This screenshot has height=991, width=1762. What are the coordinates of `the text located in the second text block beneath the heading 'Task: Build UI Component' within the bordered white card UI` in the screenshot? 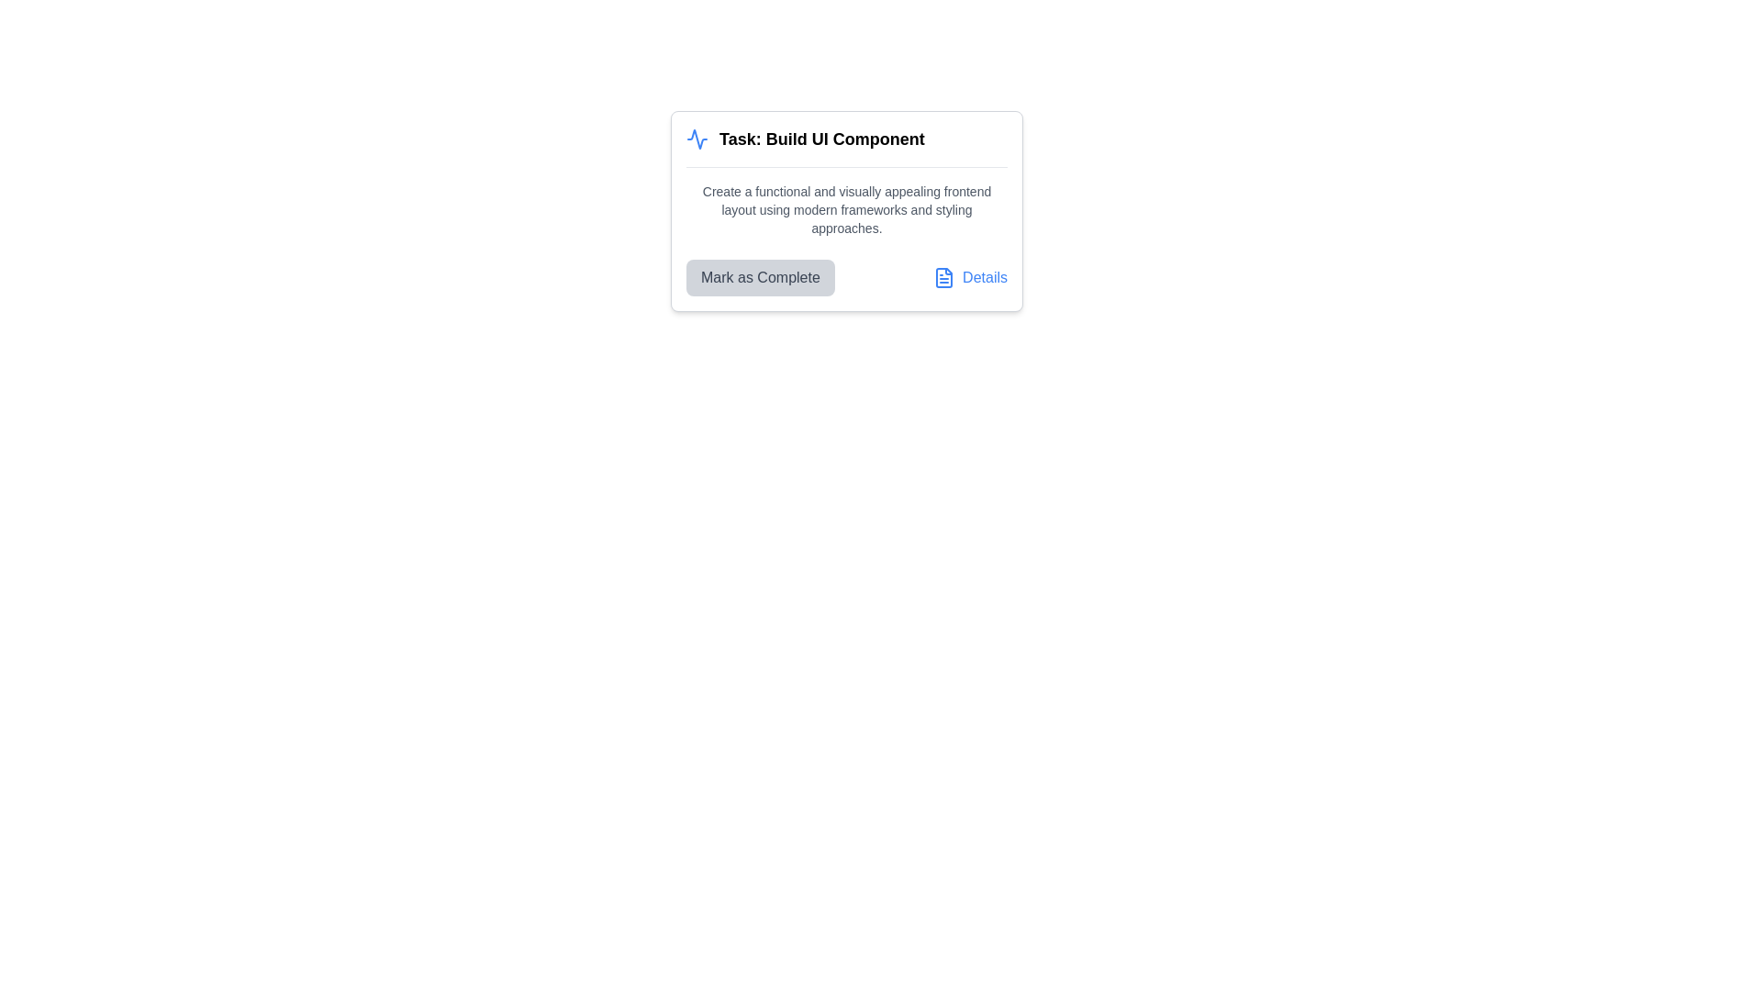 It's located at (845, 208).